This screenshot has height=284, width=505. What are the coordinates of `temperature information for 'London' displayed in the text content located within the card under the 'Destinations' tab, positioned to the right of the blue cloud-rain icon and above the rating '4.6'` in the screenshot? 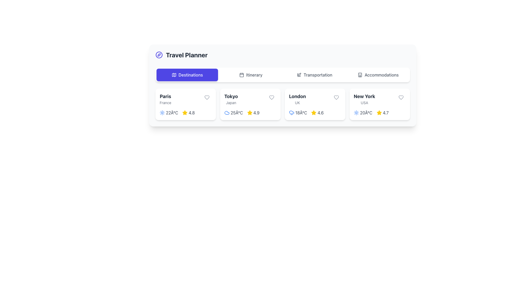 It's located at (298, 112).